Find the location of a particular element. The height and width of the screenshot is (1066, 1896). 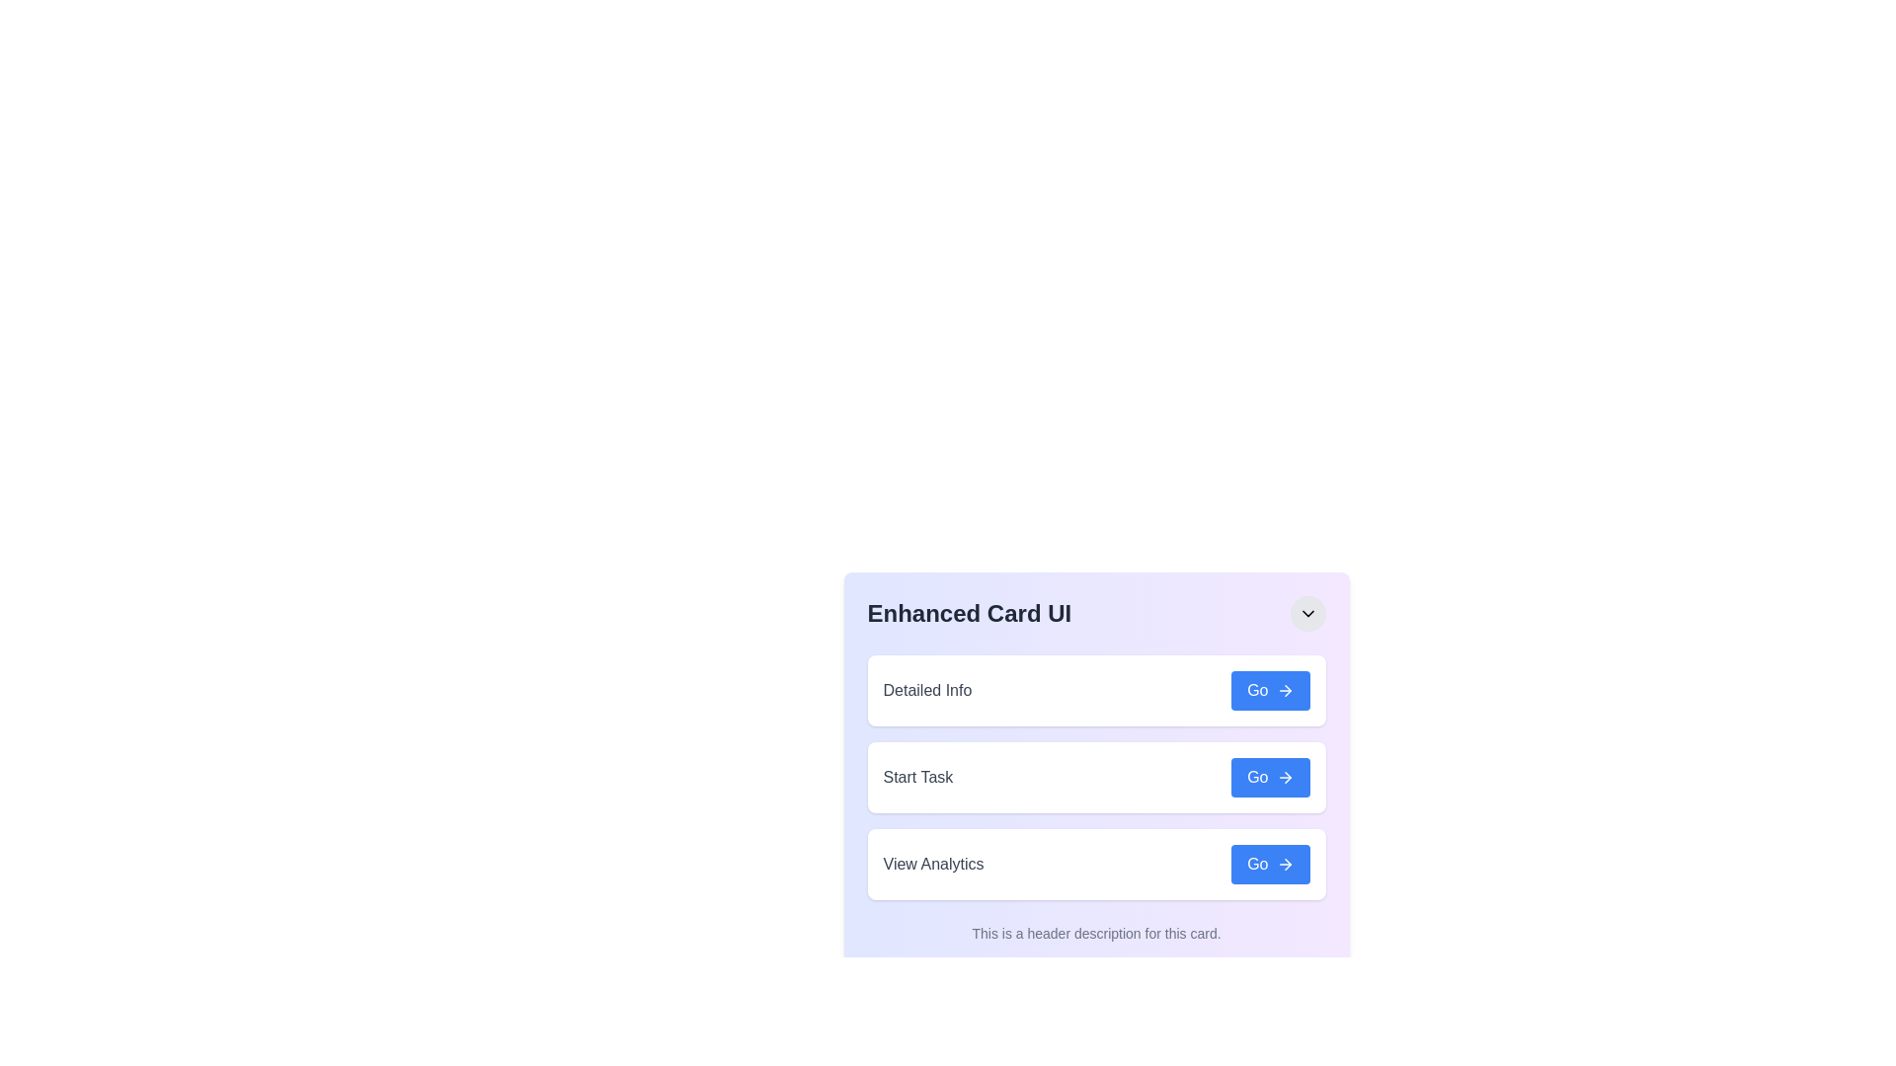

the 'Start Task' button located in the bottom-right corner of the card section to observe its hover effects is located at coordinates (1270, 776).